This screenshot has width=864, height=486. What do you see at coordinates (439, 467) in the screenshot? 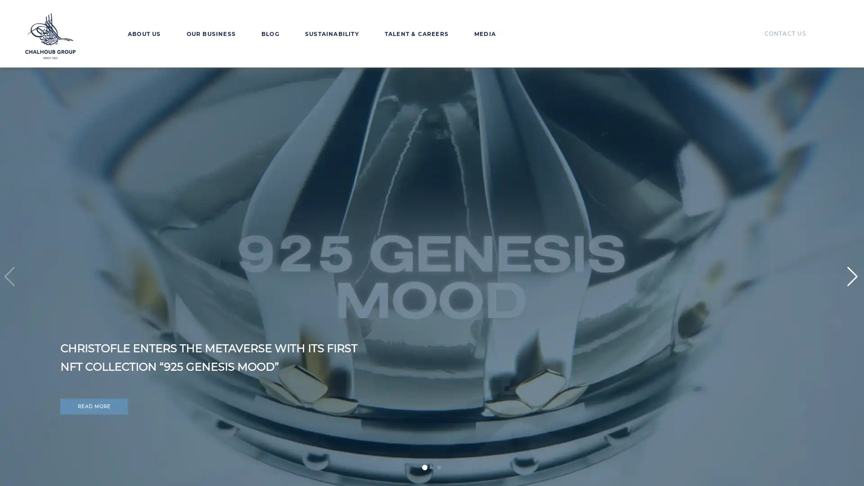
I see `Go to slide 3` at bounding box center [439, 467].